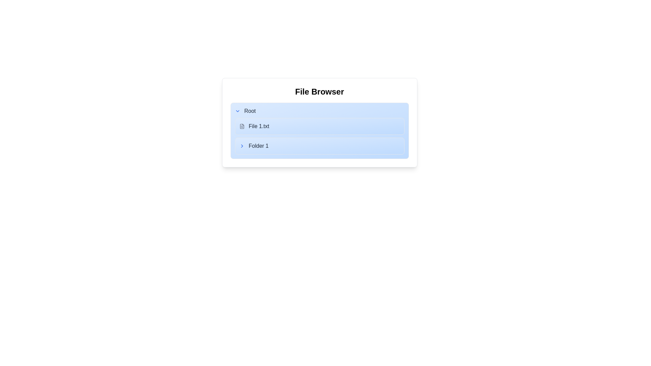  What do you see at coordinates (319, 146) in the screenshot?
I see `the folder item located below 'File 1.txt' within the 'Root' section` at bounding box center [319, 146].